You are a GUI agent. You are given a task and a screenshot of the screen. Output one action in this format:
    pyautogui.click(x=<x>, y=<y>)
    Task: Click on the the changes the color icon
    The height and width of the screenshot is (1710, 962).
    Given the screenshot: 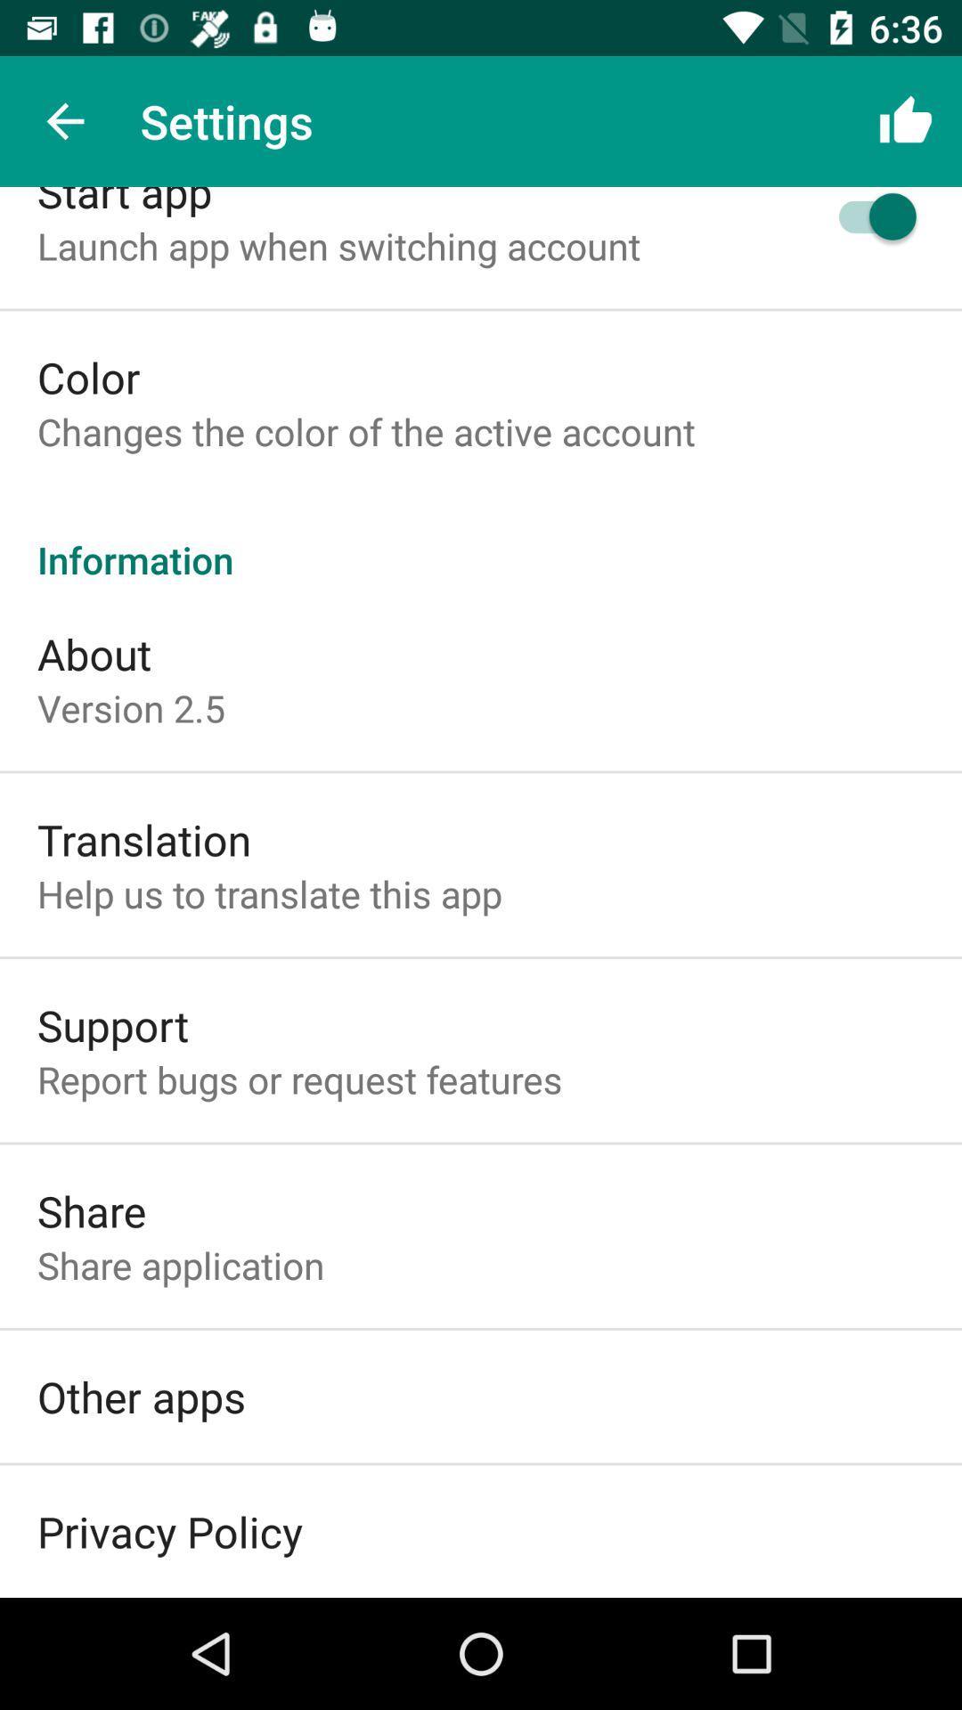 What is the action you would take?
    pyautogui.click(x=365, y=431)
    